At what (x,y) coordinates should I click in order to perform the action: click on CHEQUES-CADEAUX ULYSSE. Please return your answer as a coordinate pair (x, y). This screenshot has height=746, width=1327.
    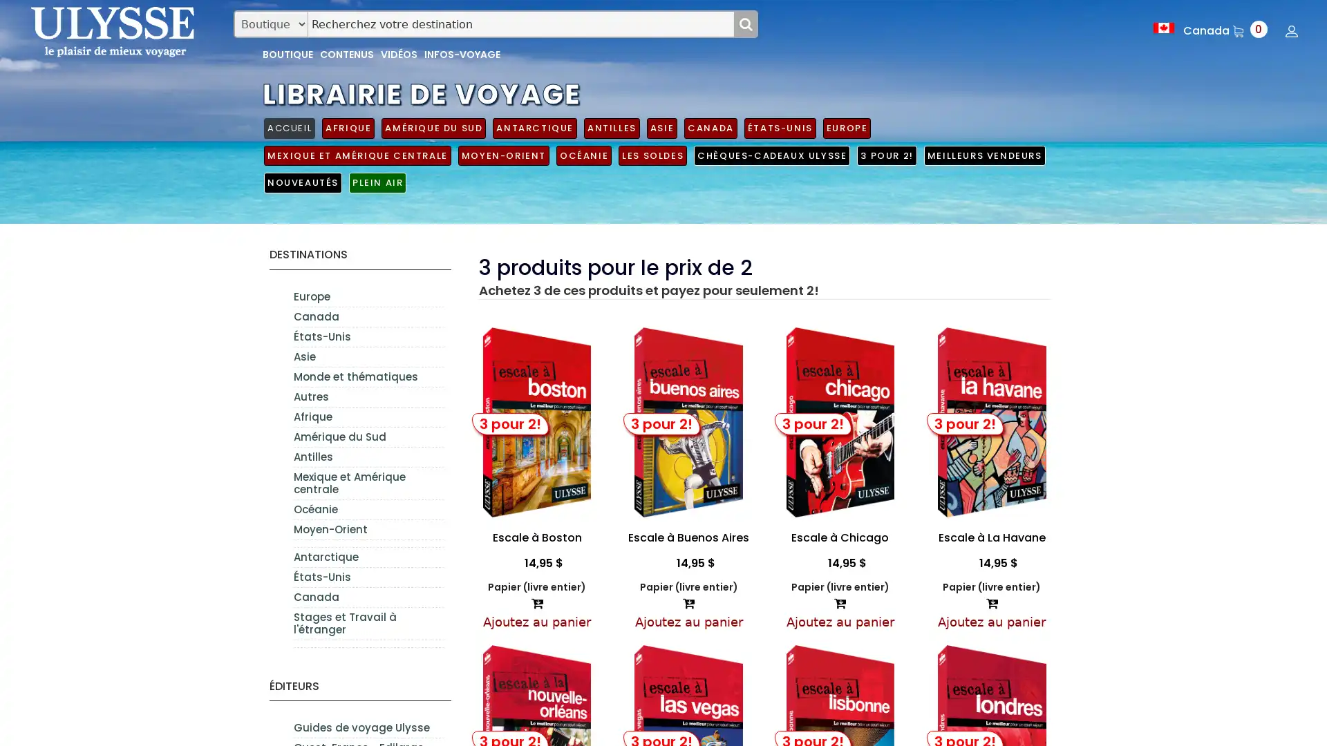
    Looking at the image, I should click on (771, 155).